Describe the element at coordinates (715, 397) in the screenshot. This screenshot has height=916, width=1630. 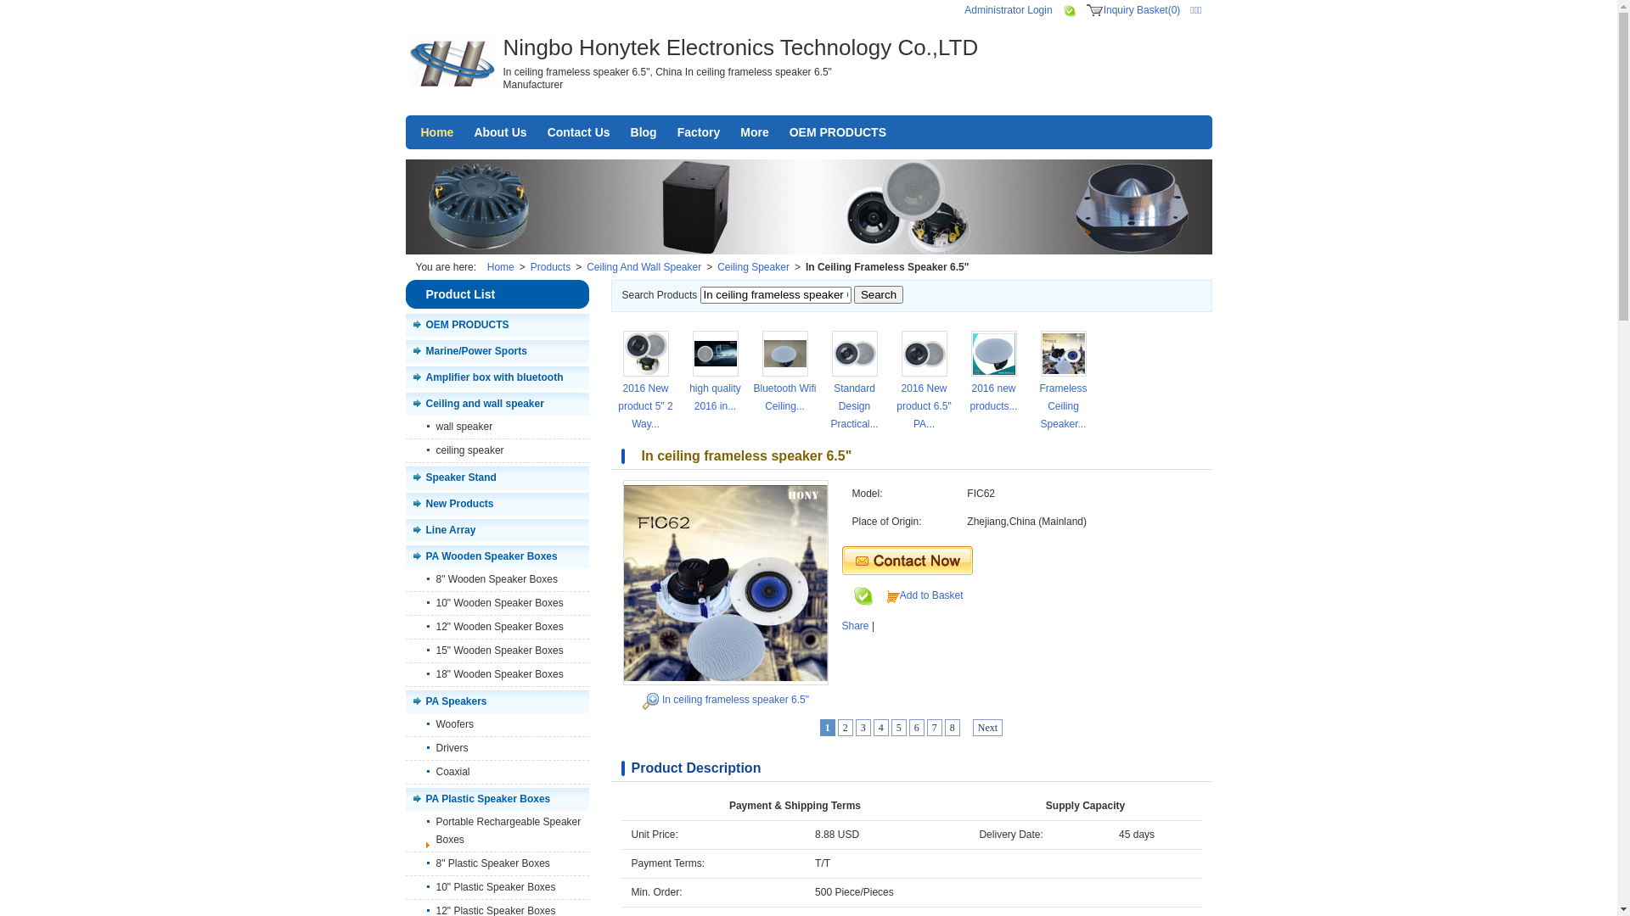
I see `'high quality 2016 in...'` at that location.